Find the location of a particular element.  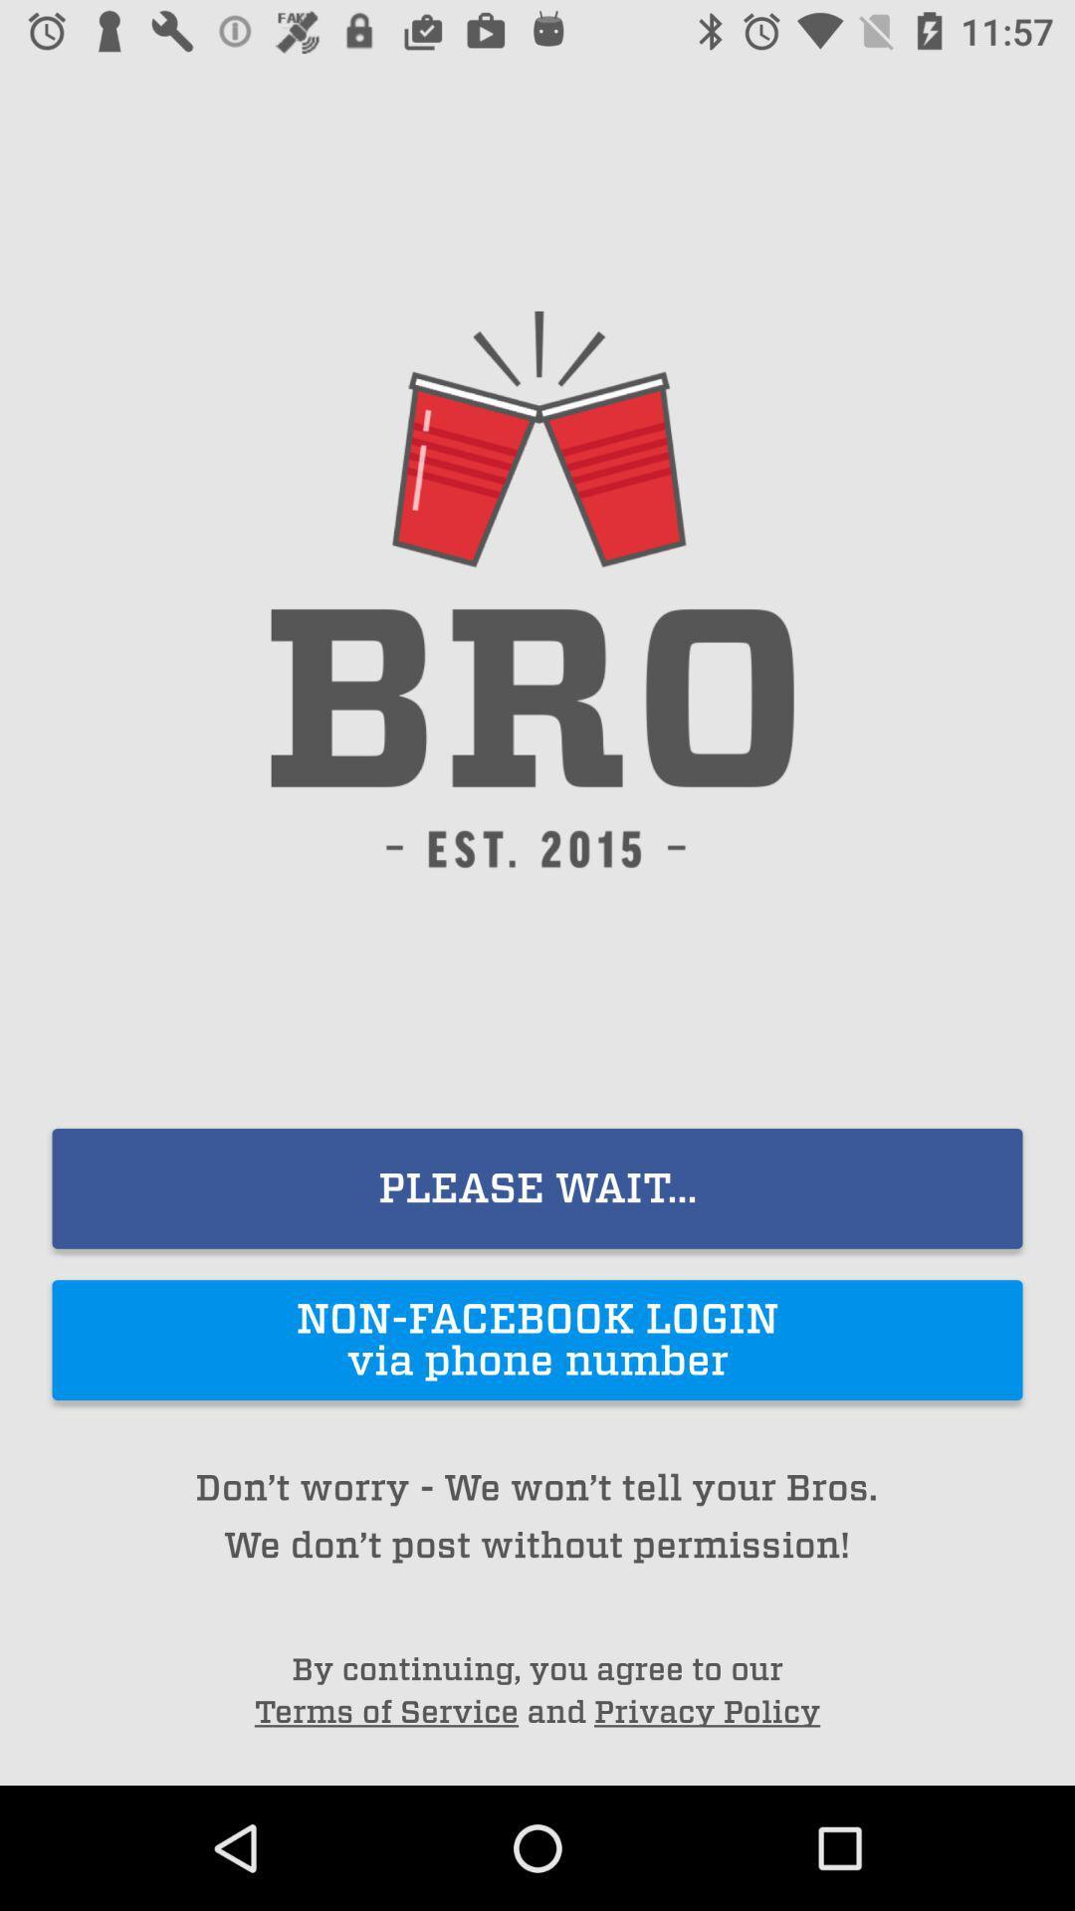

the non facebook login item is located at coordinates (537, 1340).